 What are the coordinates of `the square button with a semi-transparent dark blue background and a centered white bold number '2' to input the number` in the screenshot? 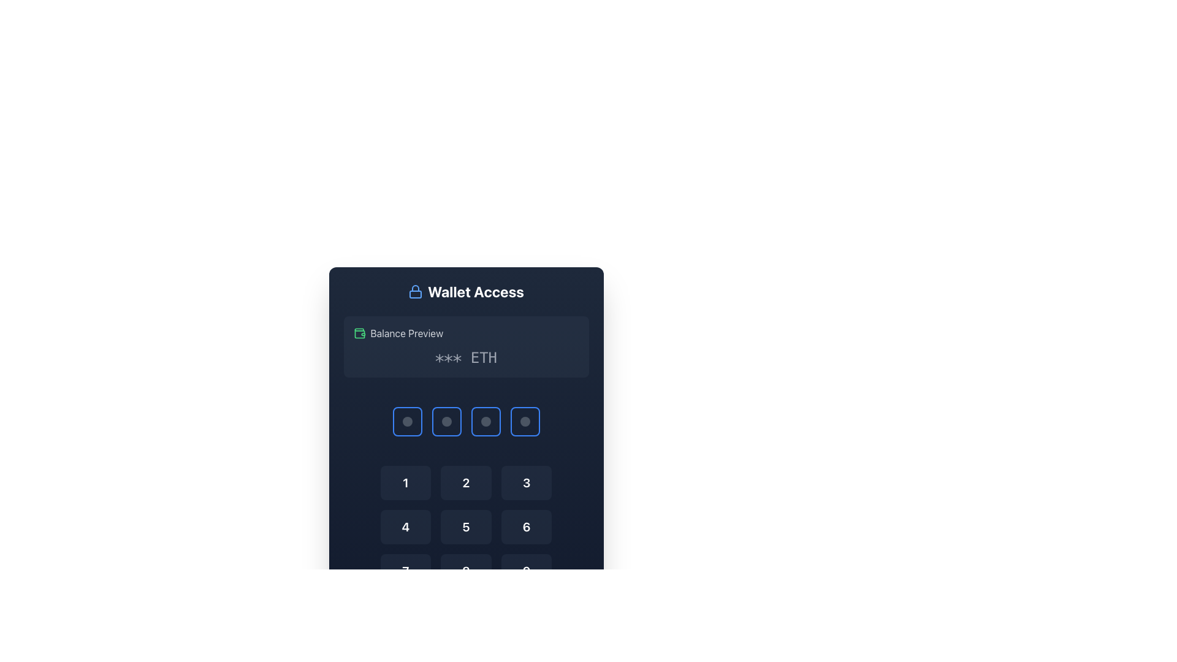 It's located at (465, 482).